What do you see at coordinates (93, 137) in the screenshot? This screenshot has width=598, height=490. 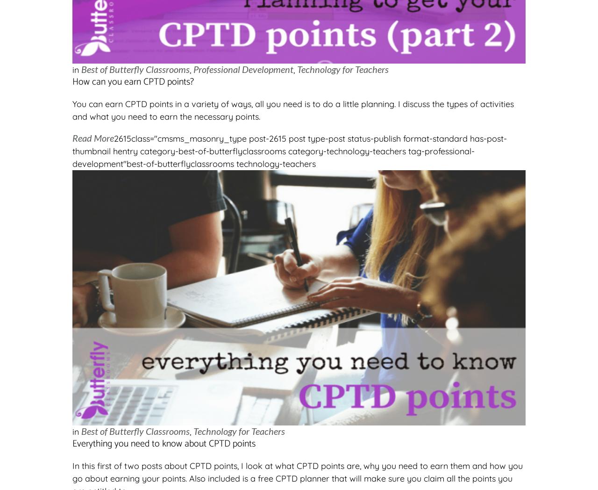 I see `'Read More'` at bounding box center [93, 137].